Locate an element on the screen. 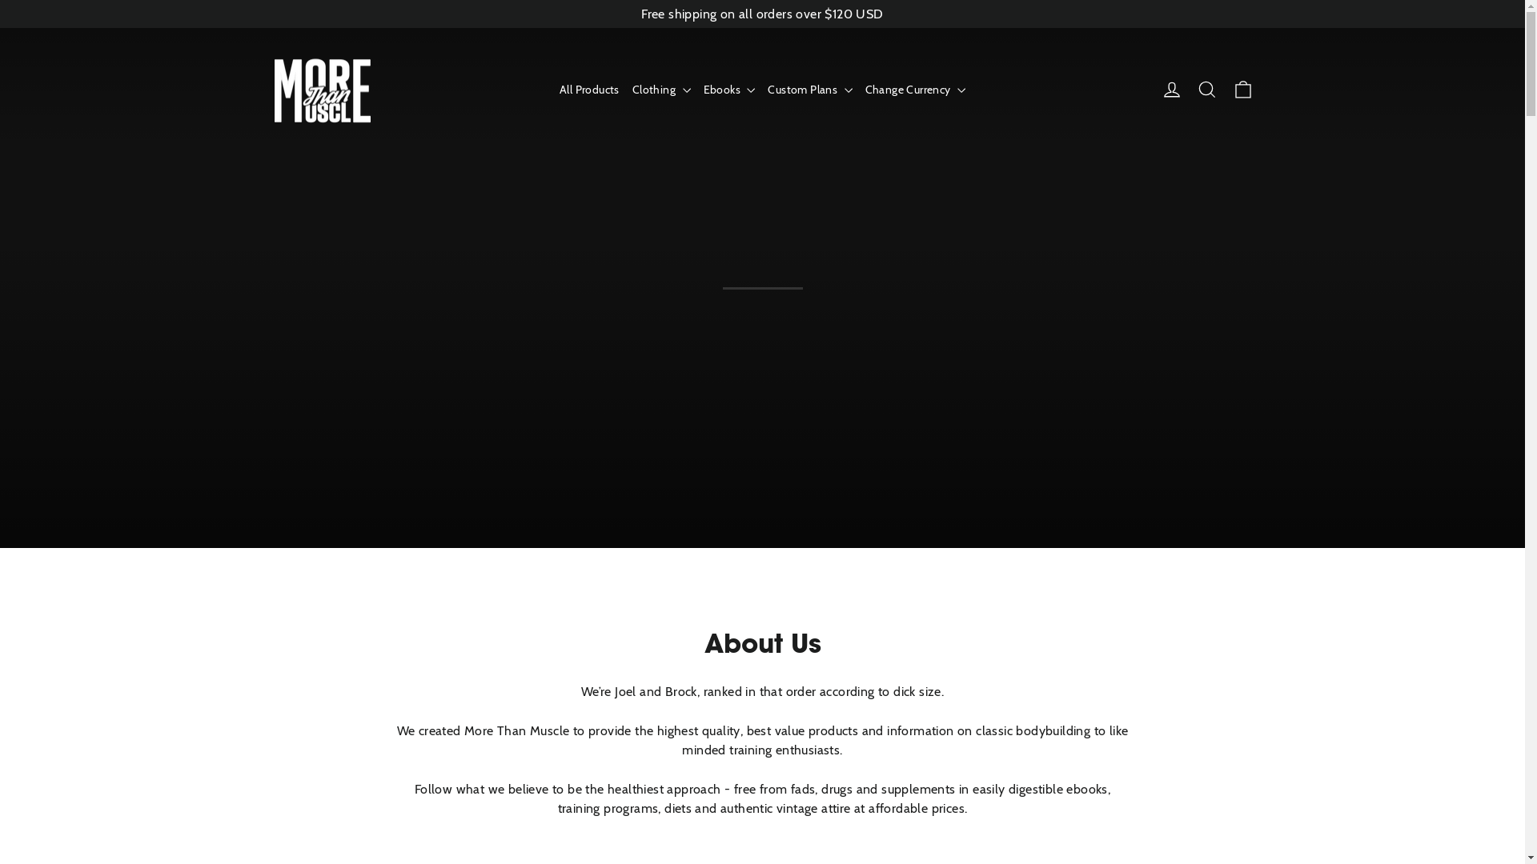 Image resolution: width=1537 pixels, height=864 pixels. 'account is located at coordinates (1172, 89).